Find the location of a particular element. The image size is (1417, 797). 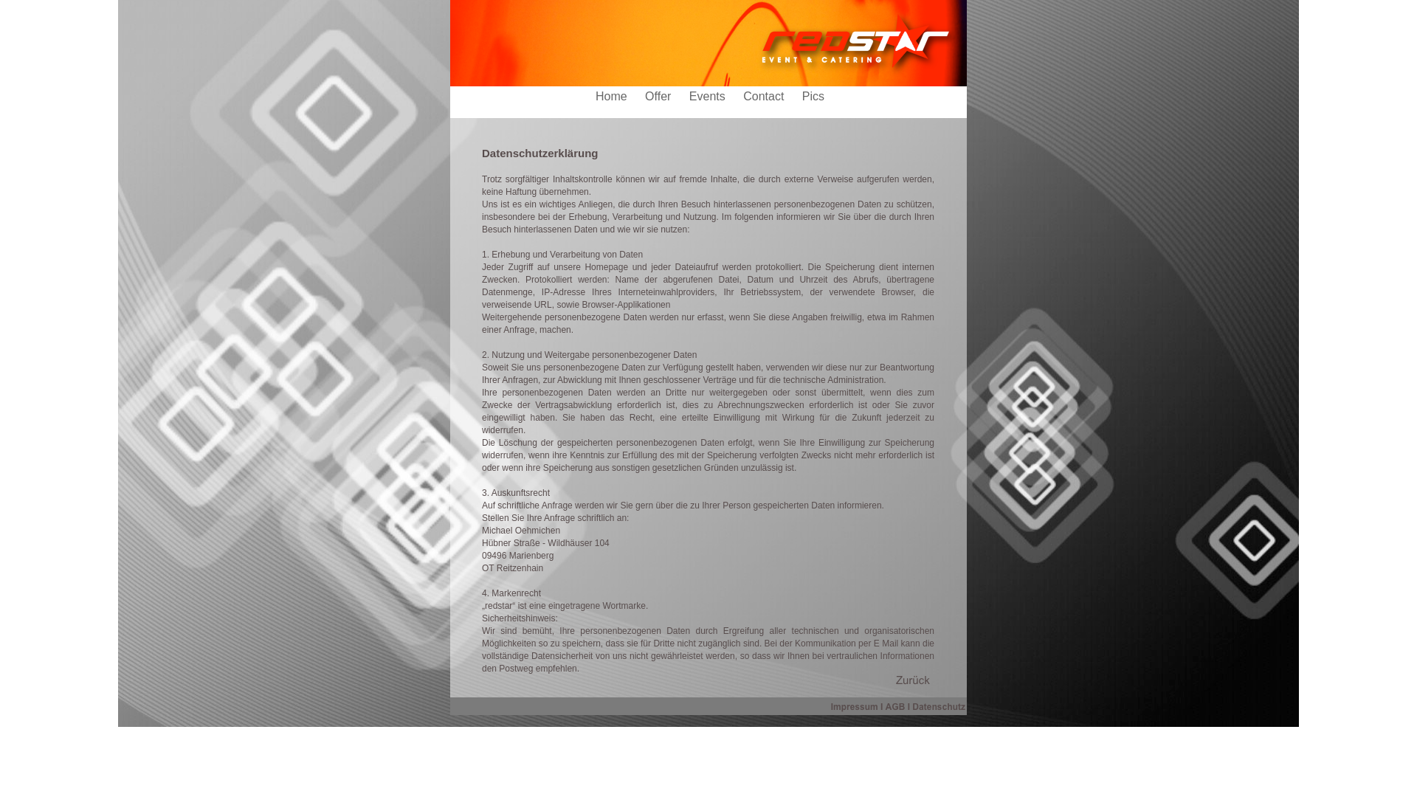

'Events' is located at coordinates (708, 96).